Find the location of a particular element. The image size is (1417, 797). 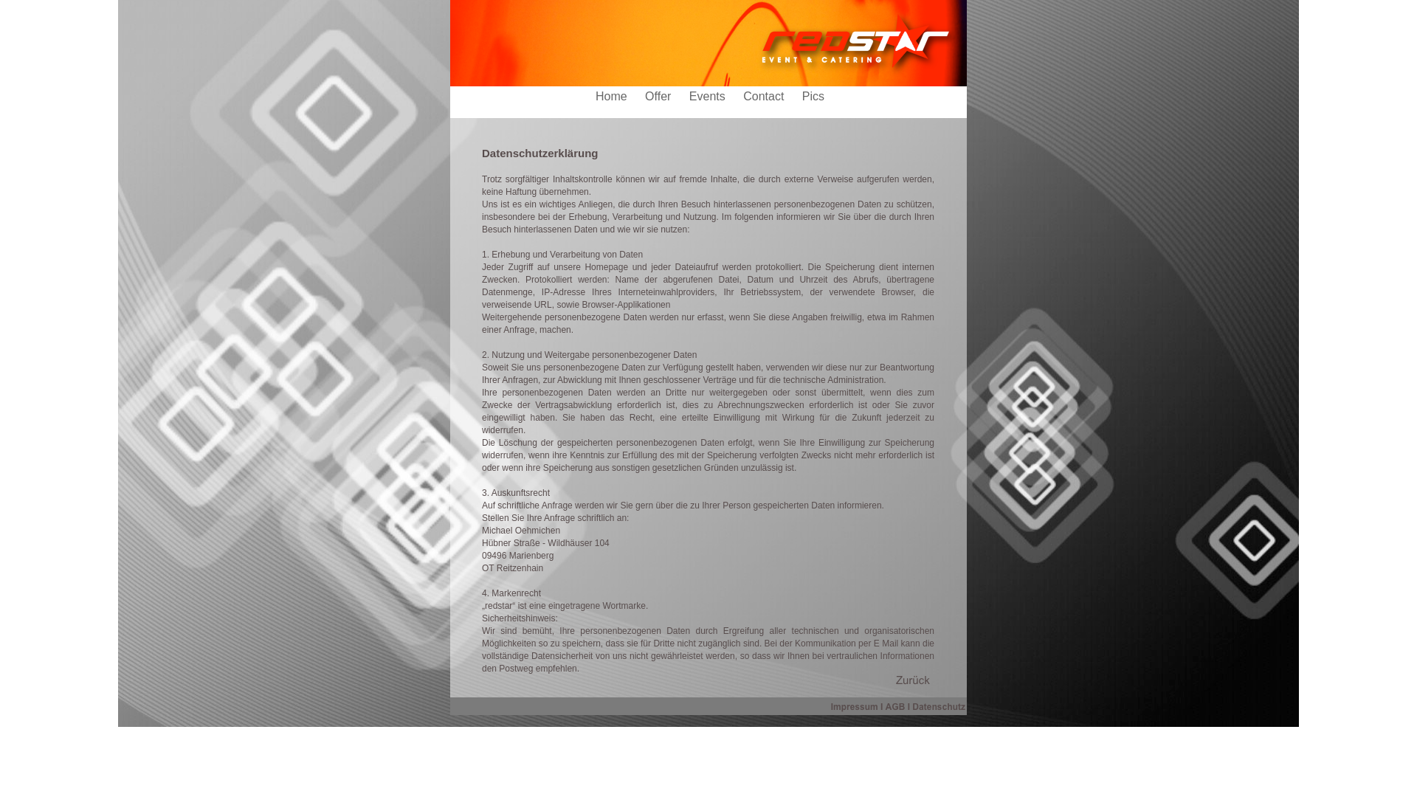

'Events' is located at coordinates (708, 96).